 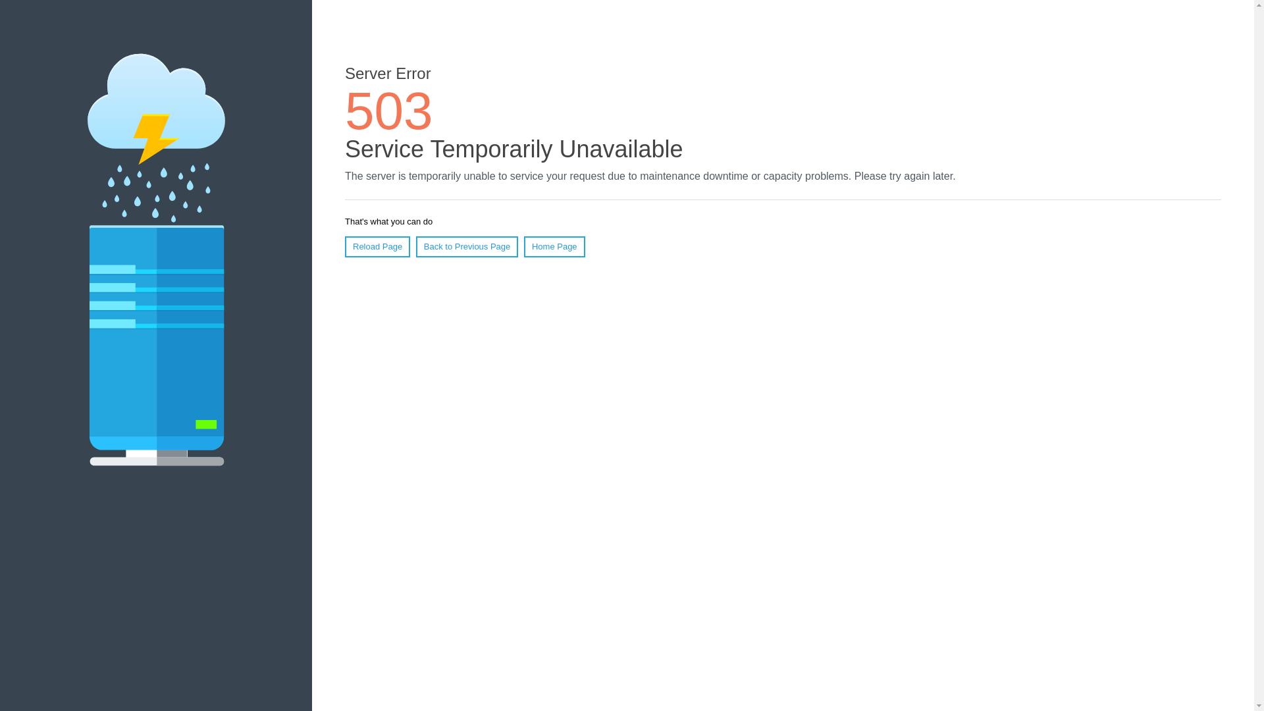 What do you see at coordinates (344, 246) in the screenshot?
I see `'Reload Page'` at bounding box center [344, 246].